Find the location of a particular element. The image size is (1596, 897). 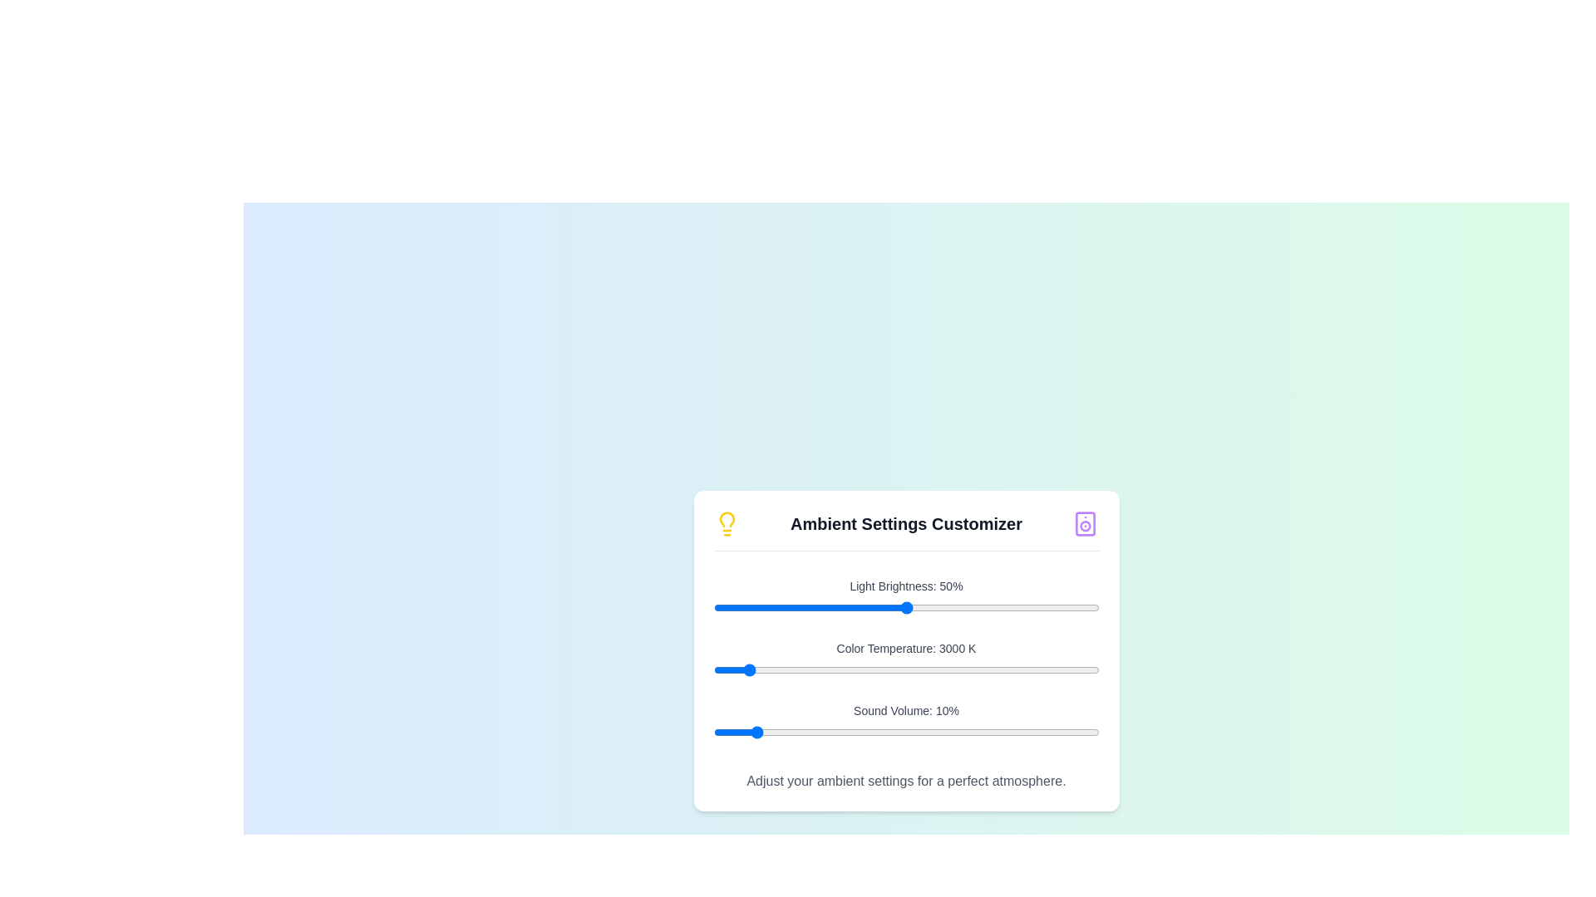

the light brightness is located at coordinates (979, 608).